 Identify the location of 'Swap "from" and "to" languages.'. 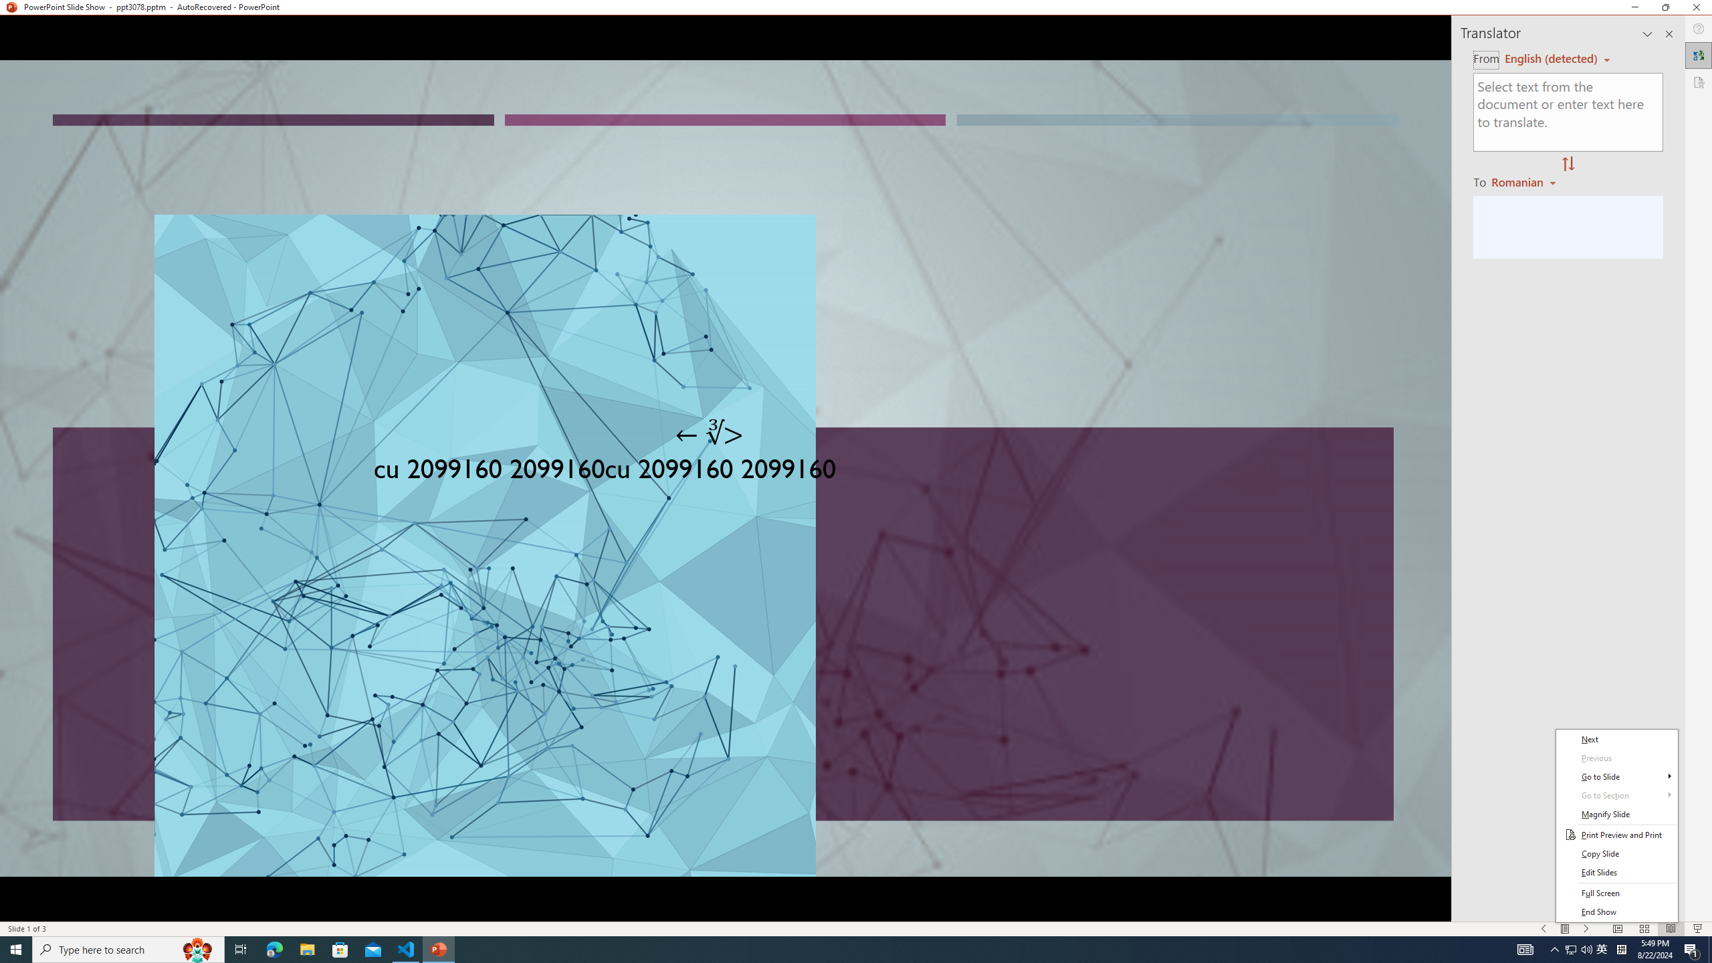
(1567, 164).